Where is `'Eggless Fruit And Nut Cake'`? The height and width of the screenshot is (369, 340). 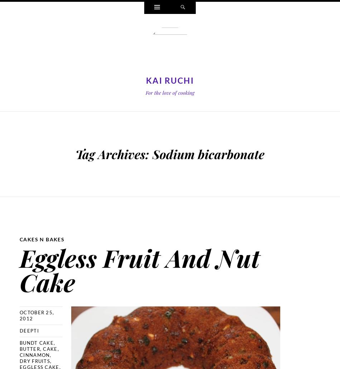
'Eggless Fruit And Nut Cake' is located at coordinates (139, 269).